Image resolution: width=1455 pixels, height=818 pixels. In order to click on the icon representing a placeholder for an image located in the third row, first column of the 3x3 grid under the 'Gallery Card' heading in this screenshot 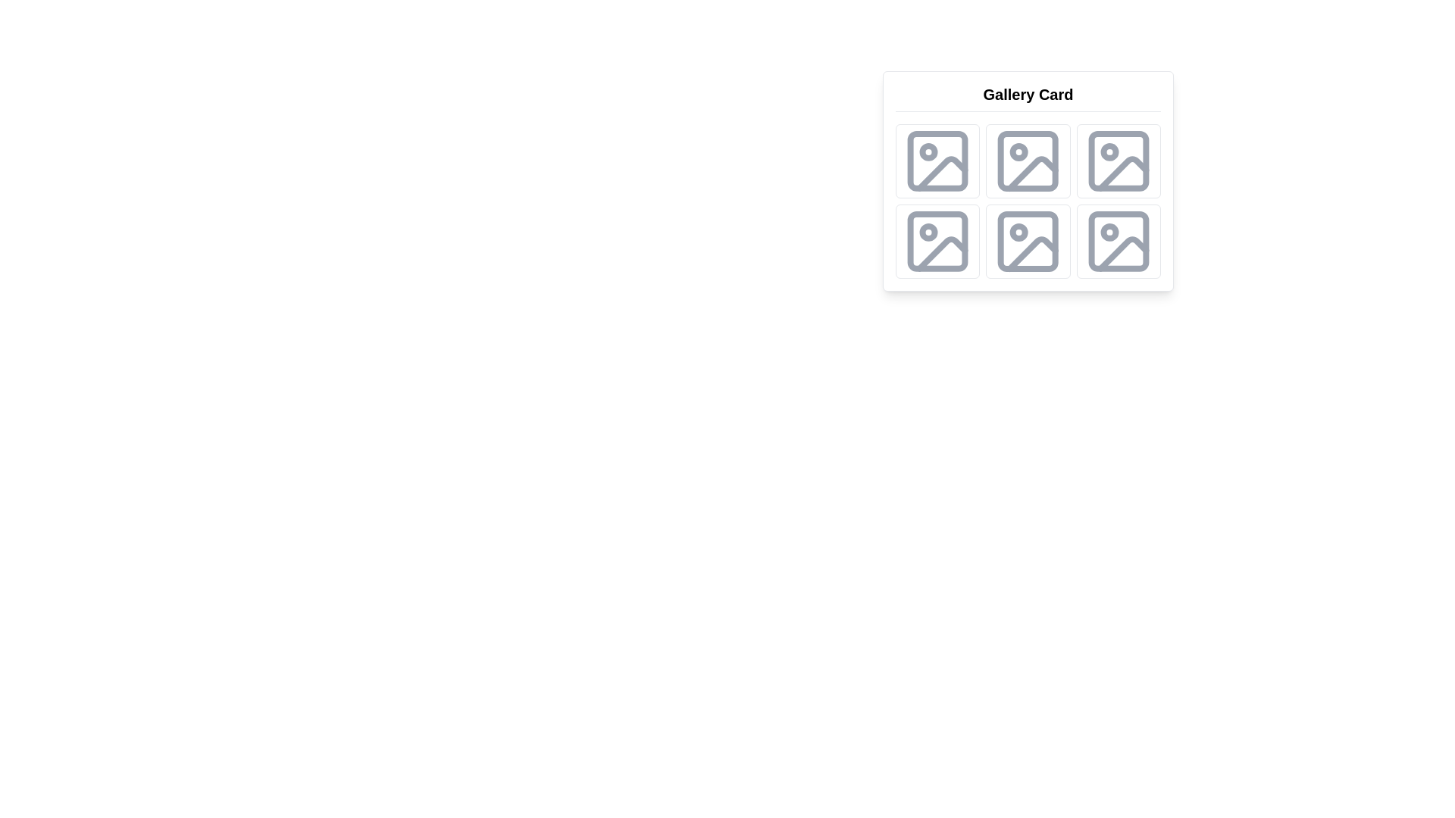, I will do `click(1028, 241)`.